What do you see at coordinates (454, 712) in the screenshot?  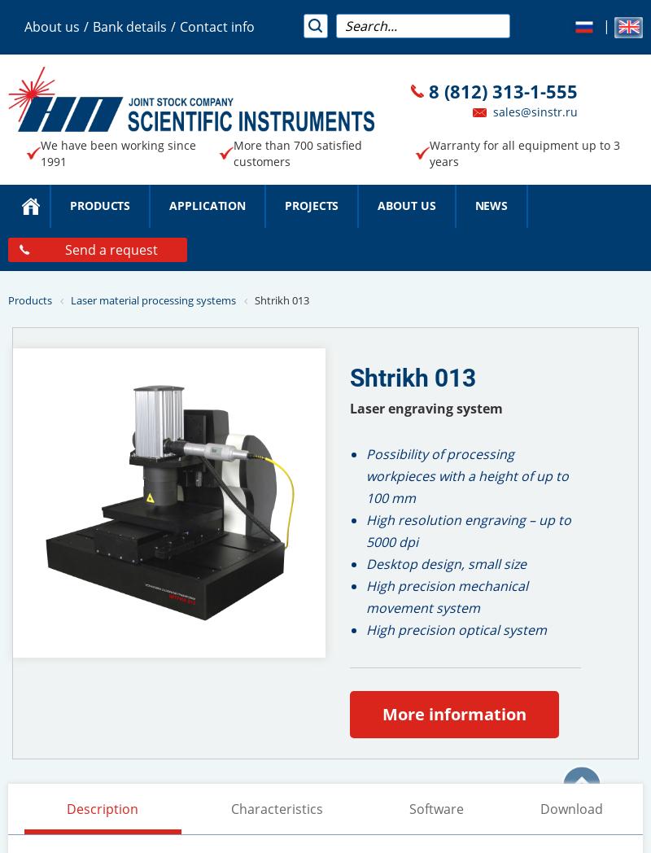 I see `'More information'` at bounding box center [454, 712].